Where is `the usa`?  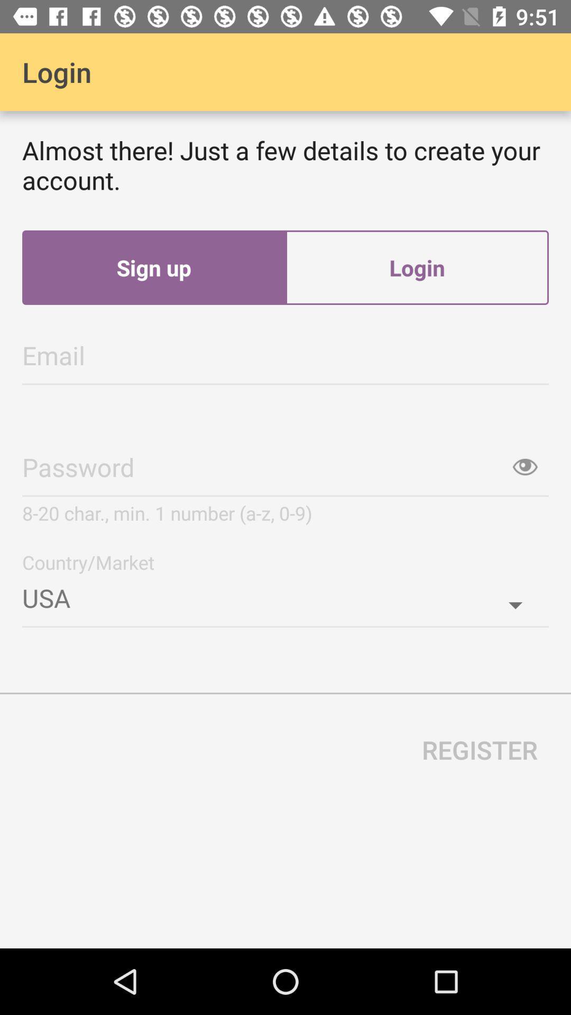
the usa is located at coordinates (285, 594).